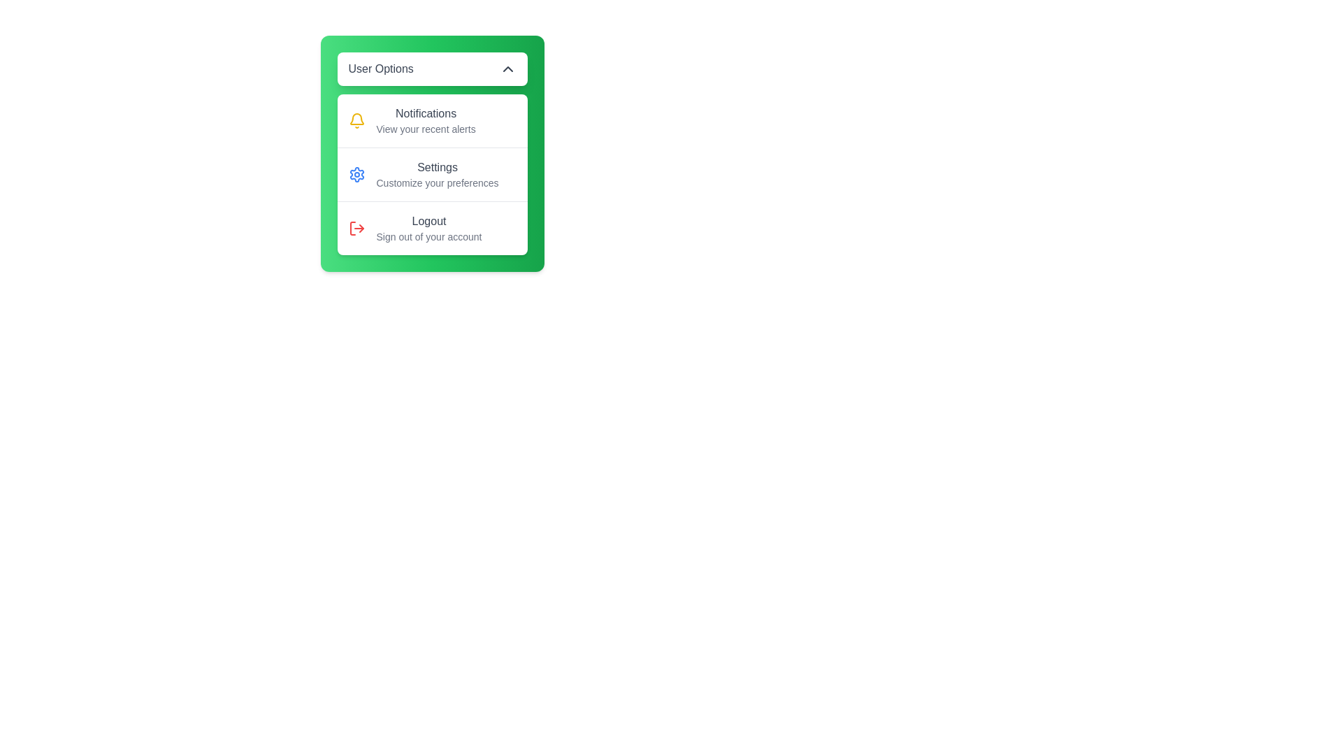  What do you see at coordinates (381, 69) in the screenshot?
I see `the Text Label that serves as the title for the user options dropdown menu, located at the top-left corner of the user interface, to the left of the chevron icon` at bounding box center [381, 69].